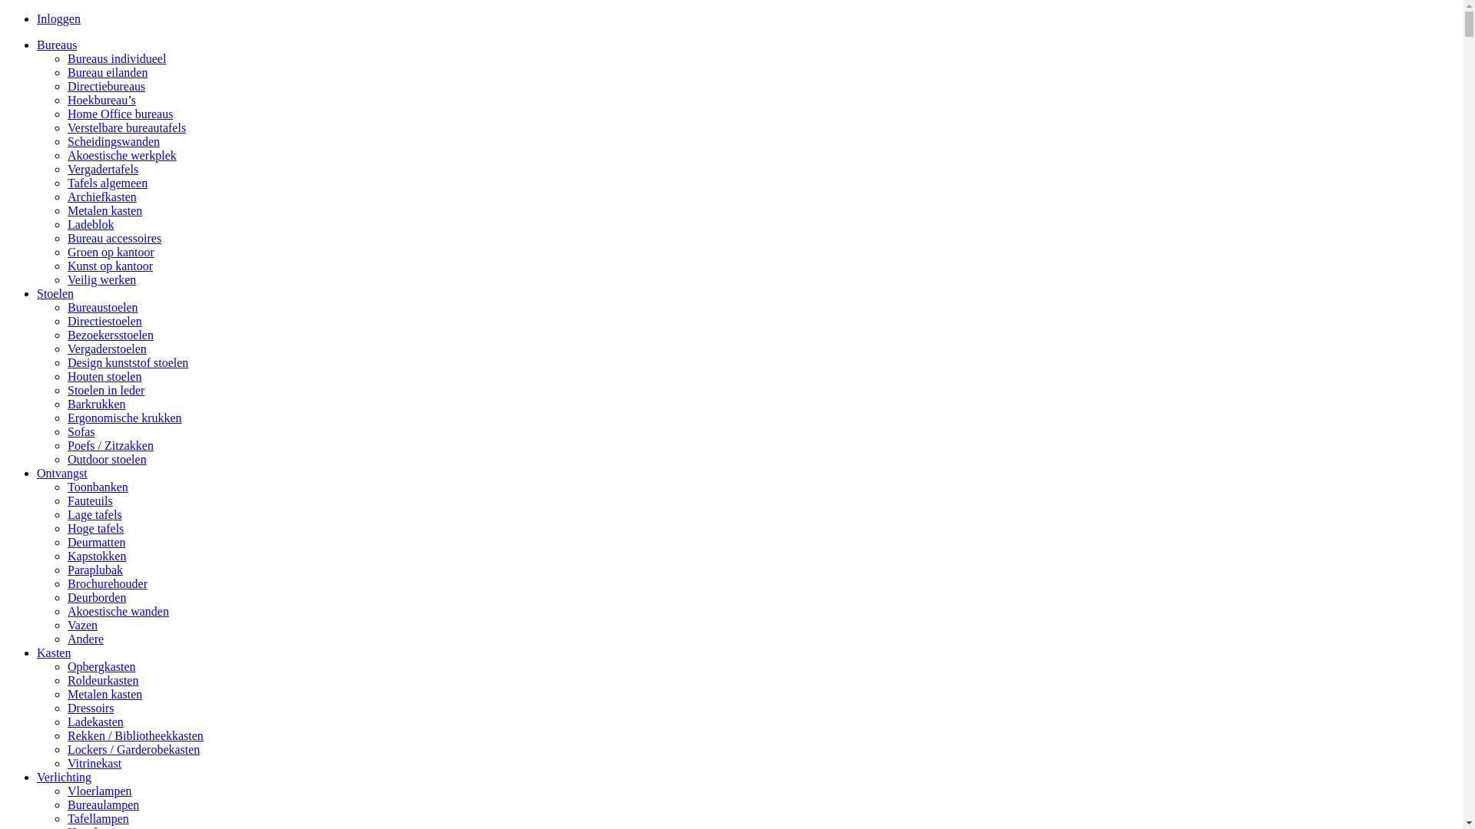  What do you see at coordinates (97, 487) in the screenshot?
I see `'Toonbanken'` at bounding box center [97, 487].